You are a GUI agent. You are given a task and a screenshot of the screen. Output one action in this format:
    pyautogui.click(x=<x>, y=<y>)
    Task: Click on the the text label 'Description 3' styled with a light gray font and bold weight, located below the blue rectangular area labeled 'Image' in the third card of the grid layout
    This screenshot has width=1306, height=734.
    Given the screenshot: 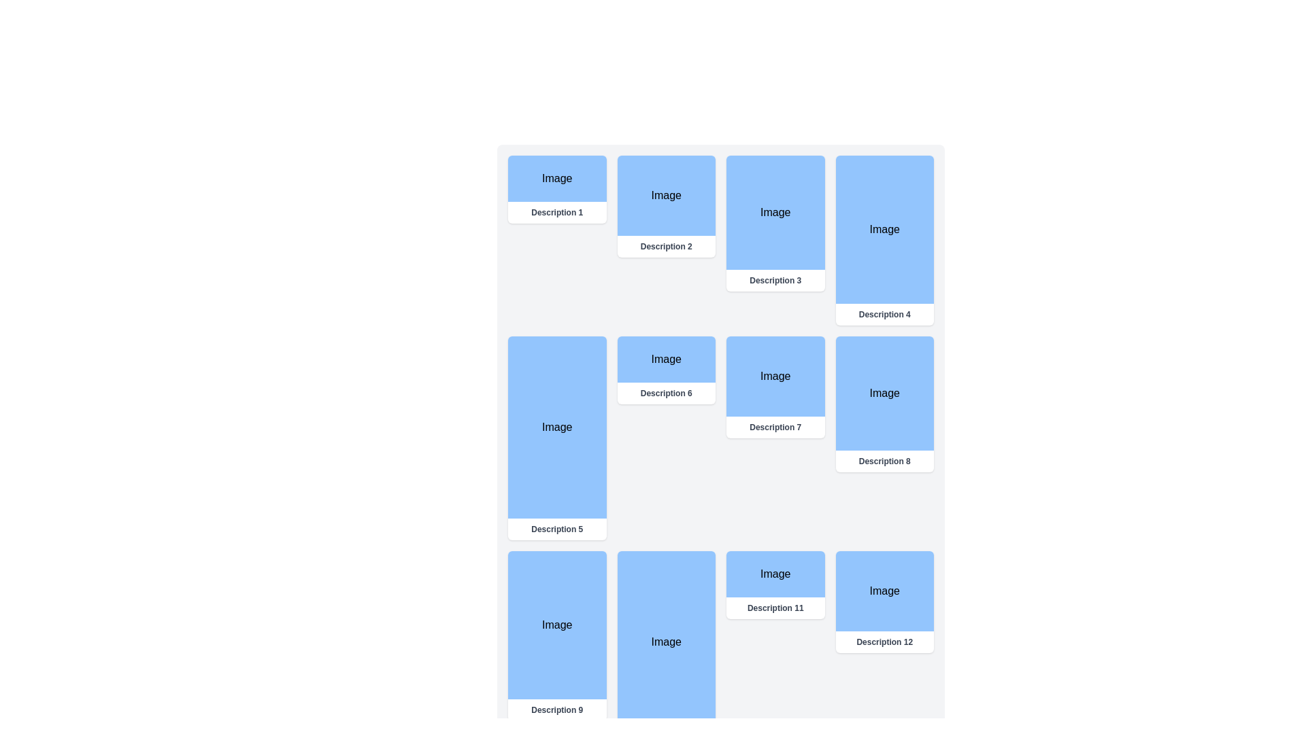 What is the action you would take?
    pyautogui.click(x=775, y=279)
    